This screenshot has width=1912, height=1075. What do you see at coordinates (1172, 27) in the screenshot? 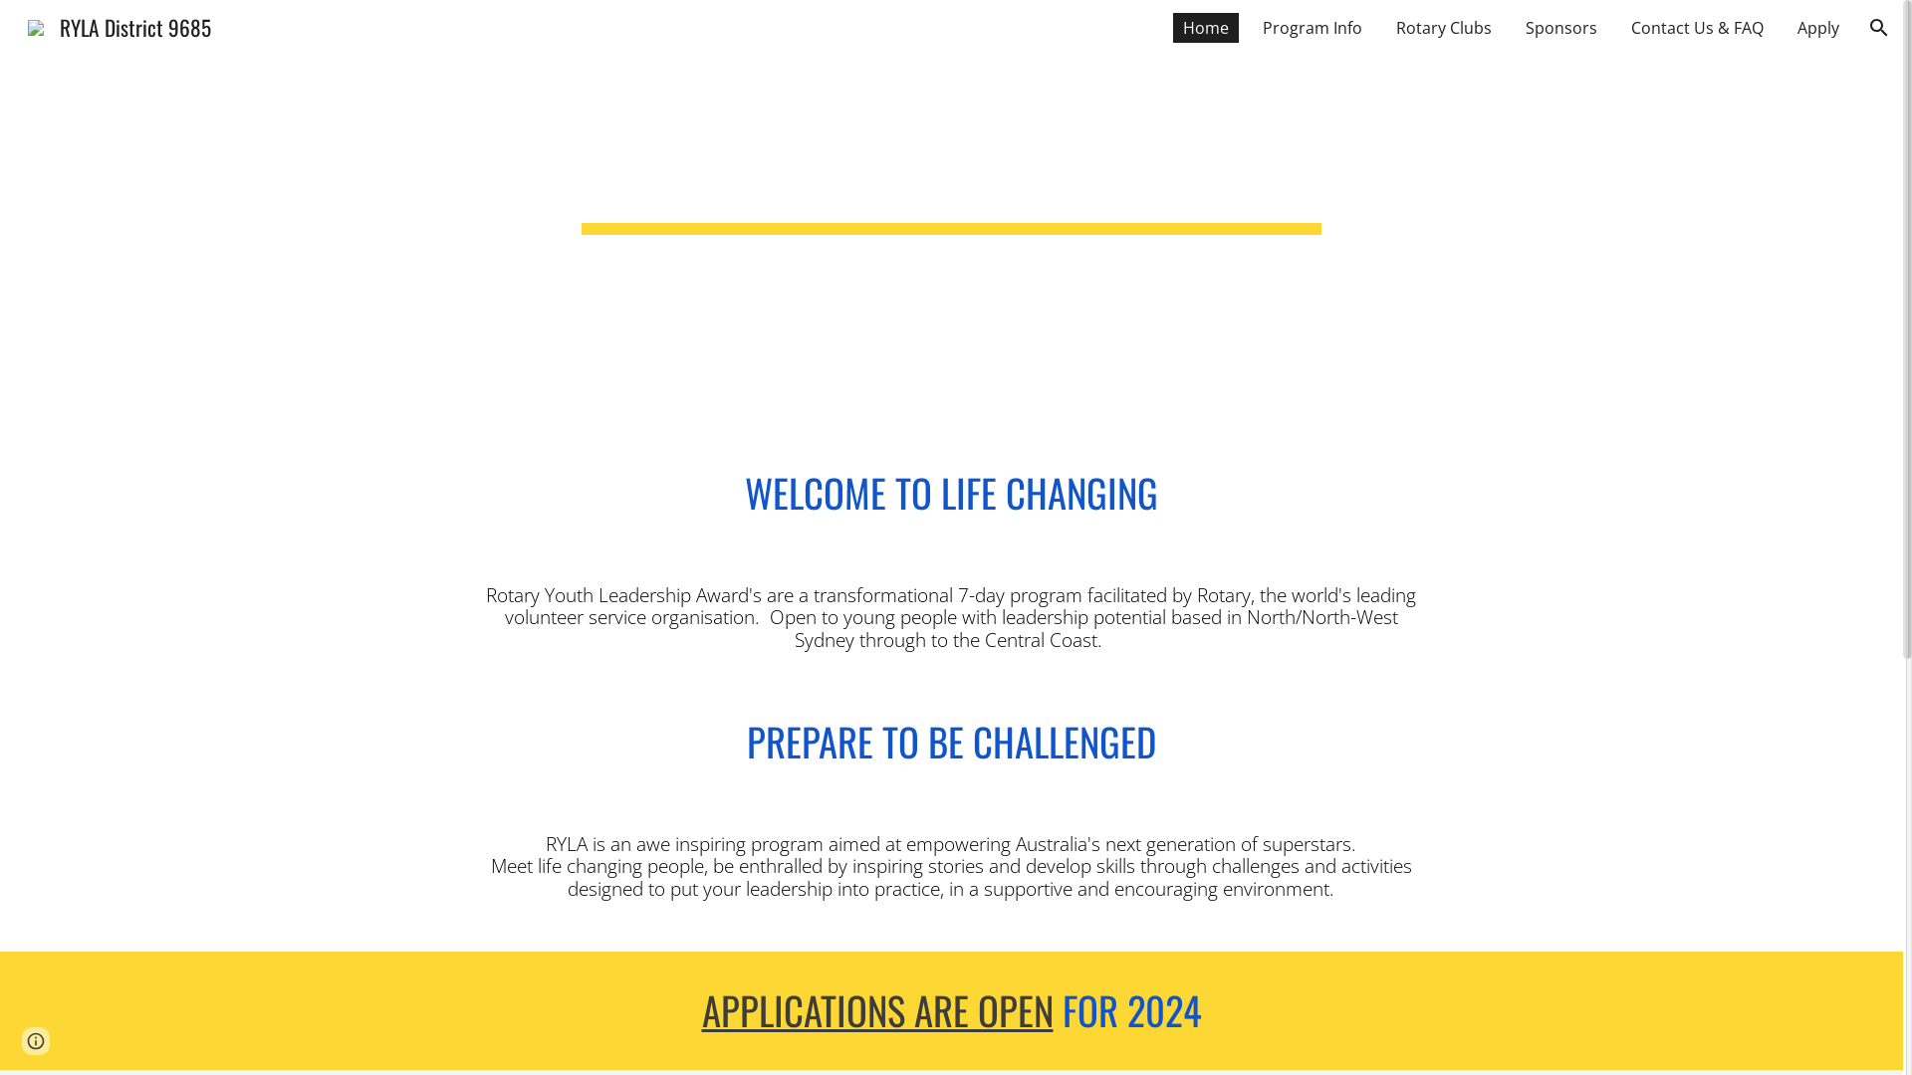
I see `'Home'` at bounding box center [1172, 27].